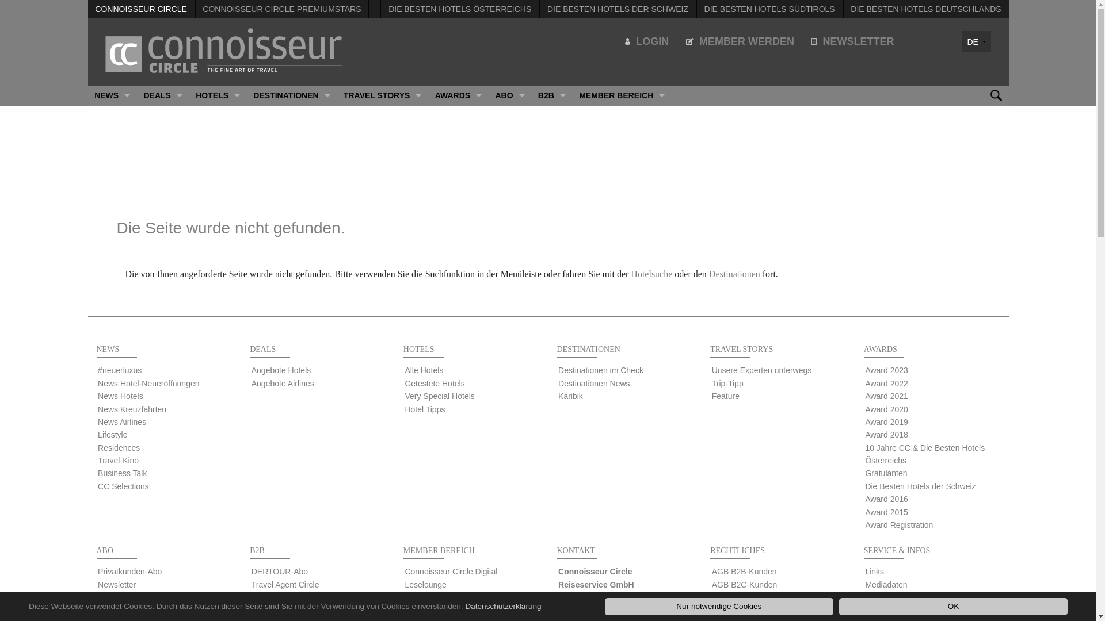 The width and height of the screenshot is (1105, 621). I want to click on 'Nur notwendige Cookies', so click(718, 606).